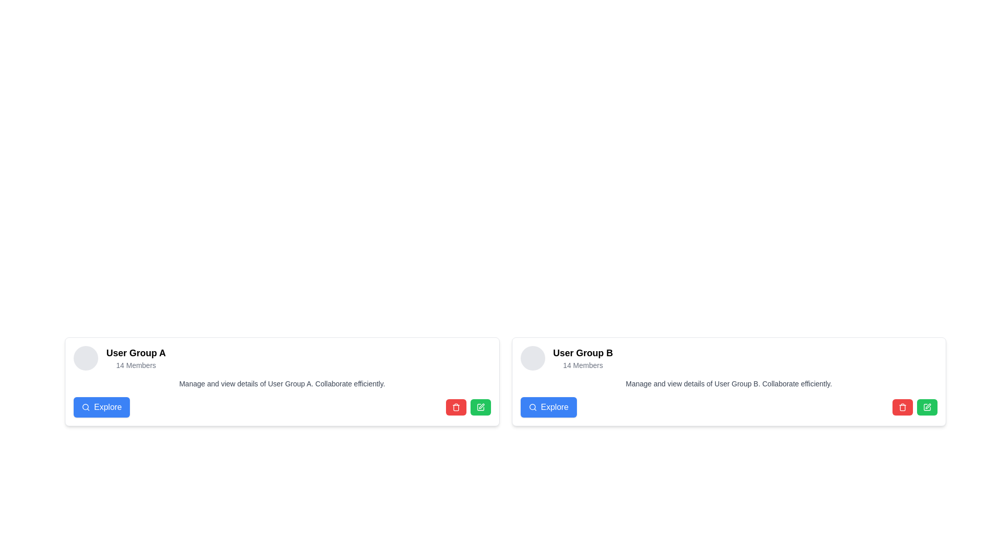 Image resolution: width=982 pixels, height=552 pixels. I want to click on the text label that contains 'Manage and view details of User Group A. Collaborate efficiently.' positioned below the main heading and above the interactive buttons, so click(282, 384).